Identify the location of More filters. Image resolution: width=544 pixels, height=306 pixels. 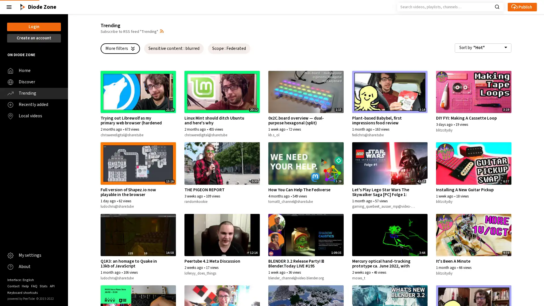
(120, 48).